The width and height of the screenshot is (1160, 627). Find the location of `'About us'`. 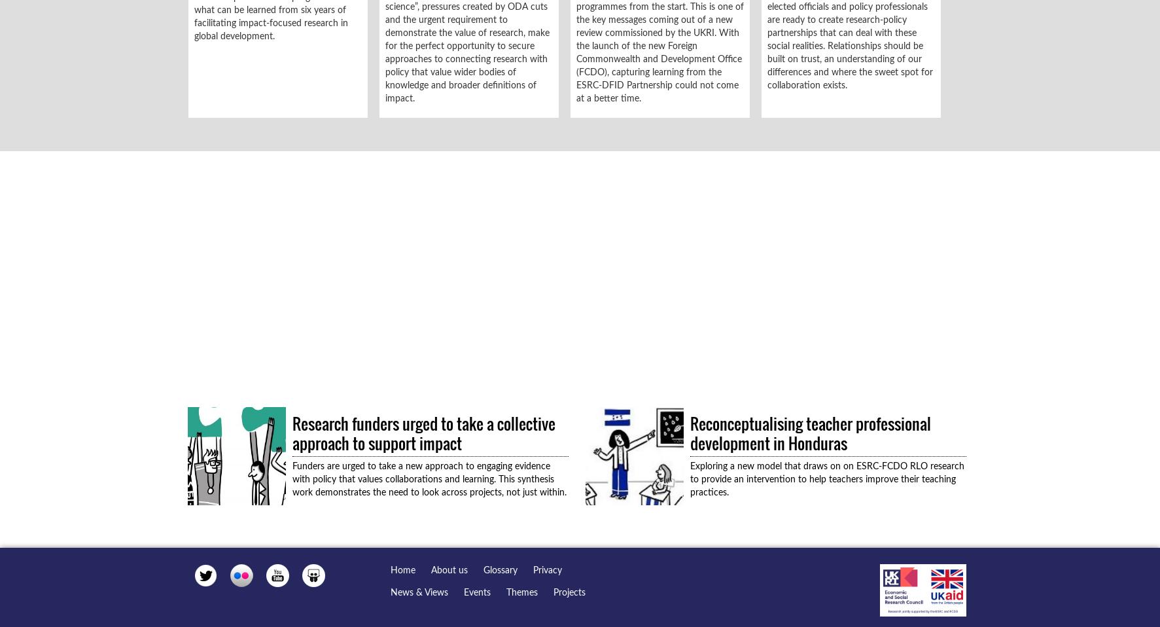

'About us' is located at coordinates (448, 569).